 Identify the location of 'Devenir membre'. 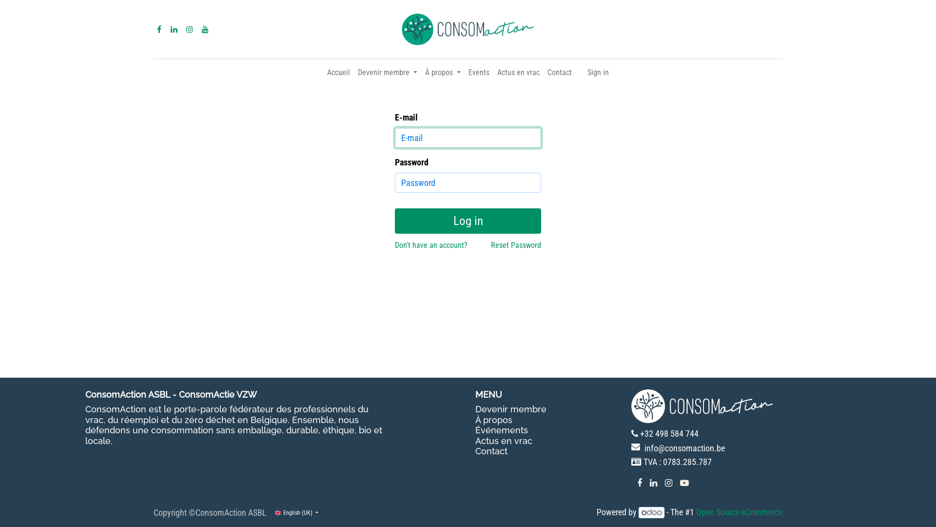
(387, 72).